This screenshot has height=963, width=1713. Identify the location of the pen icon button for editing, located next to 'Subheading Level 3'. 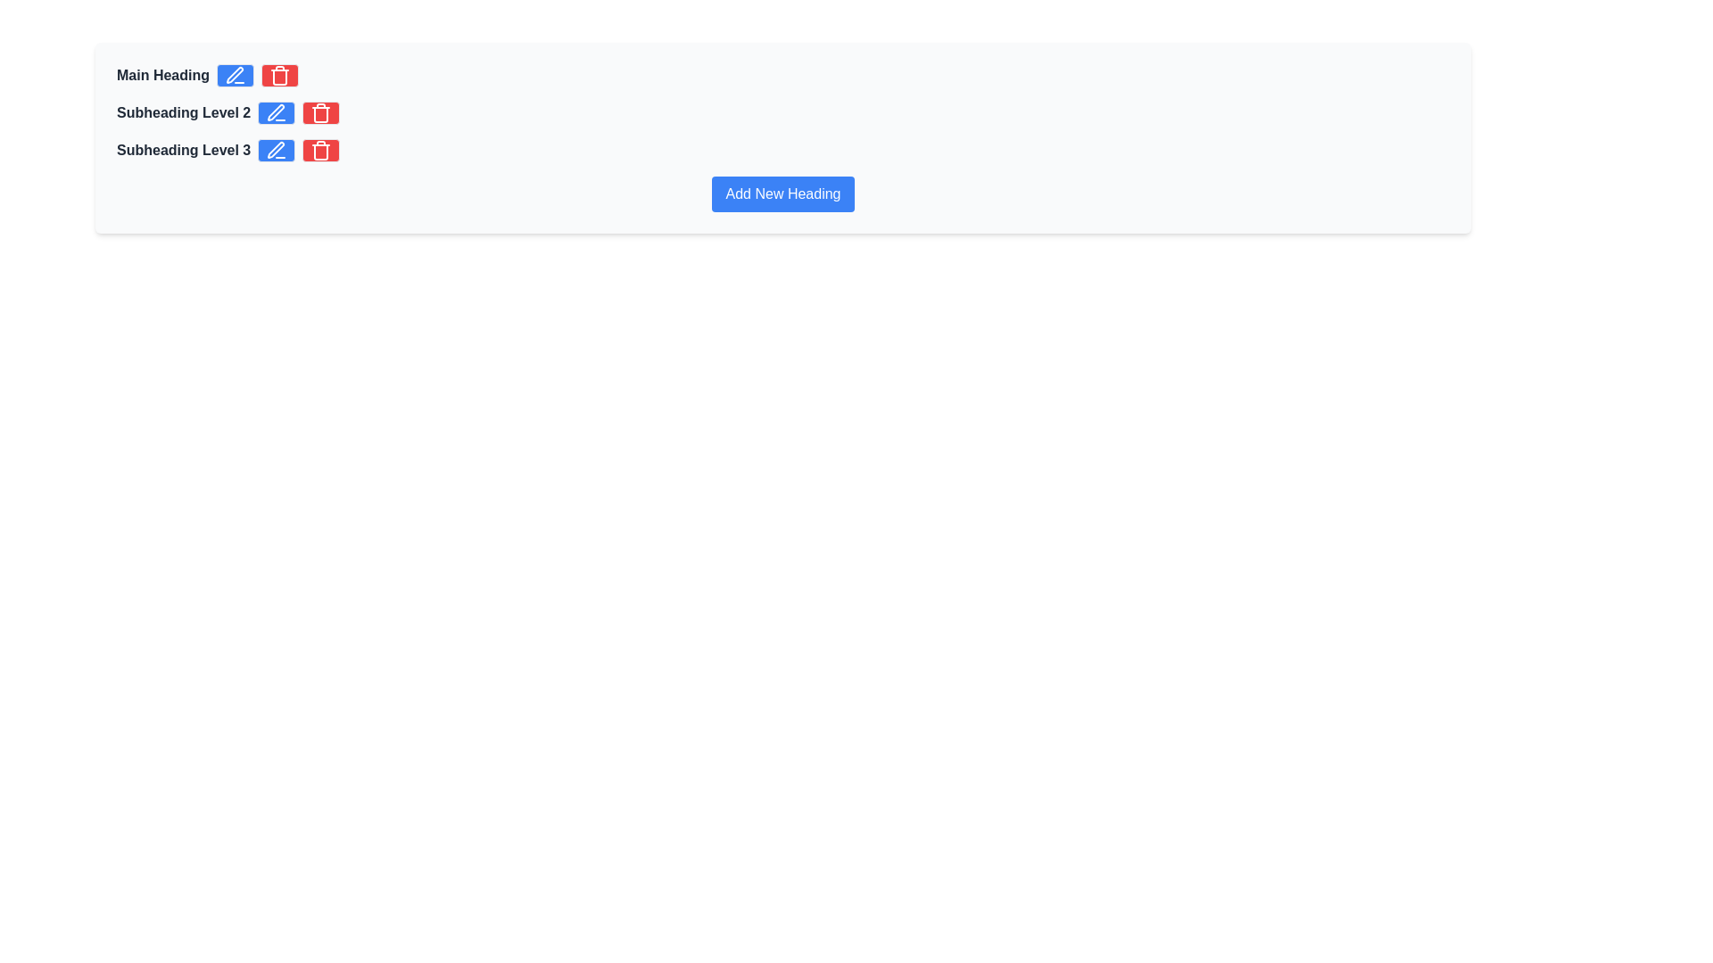
(275, 149).